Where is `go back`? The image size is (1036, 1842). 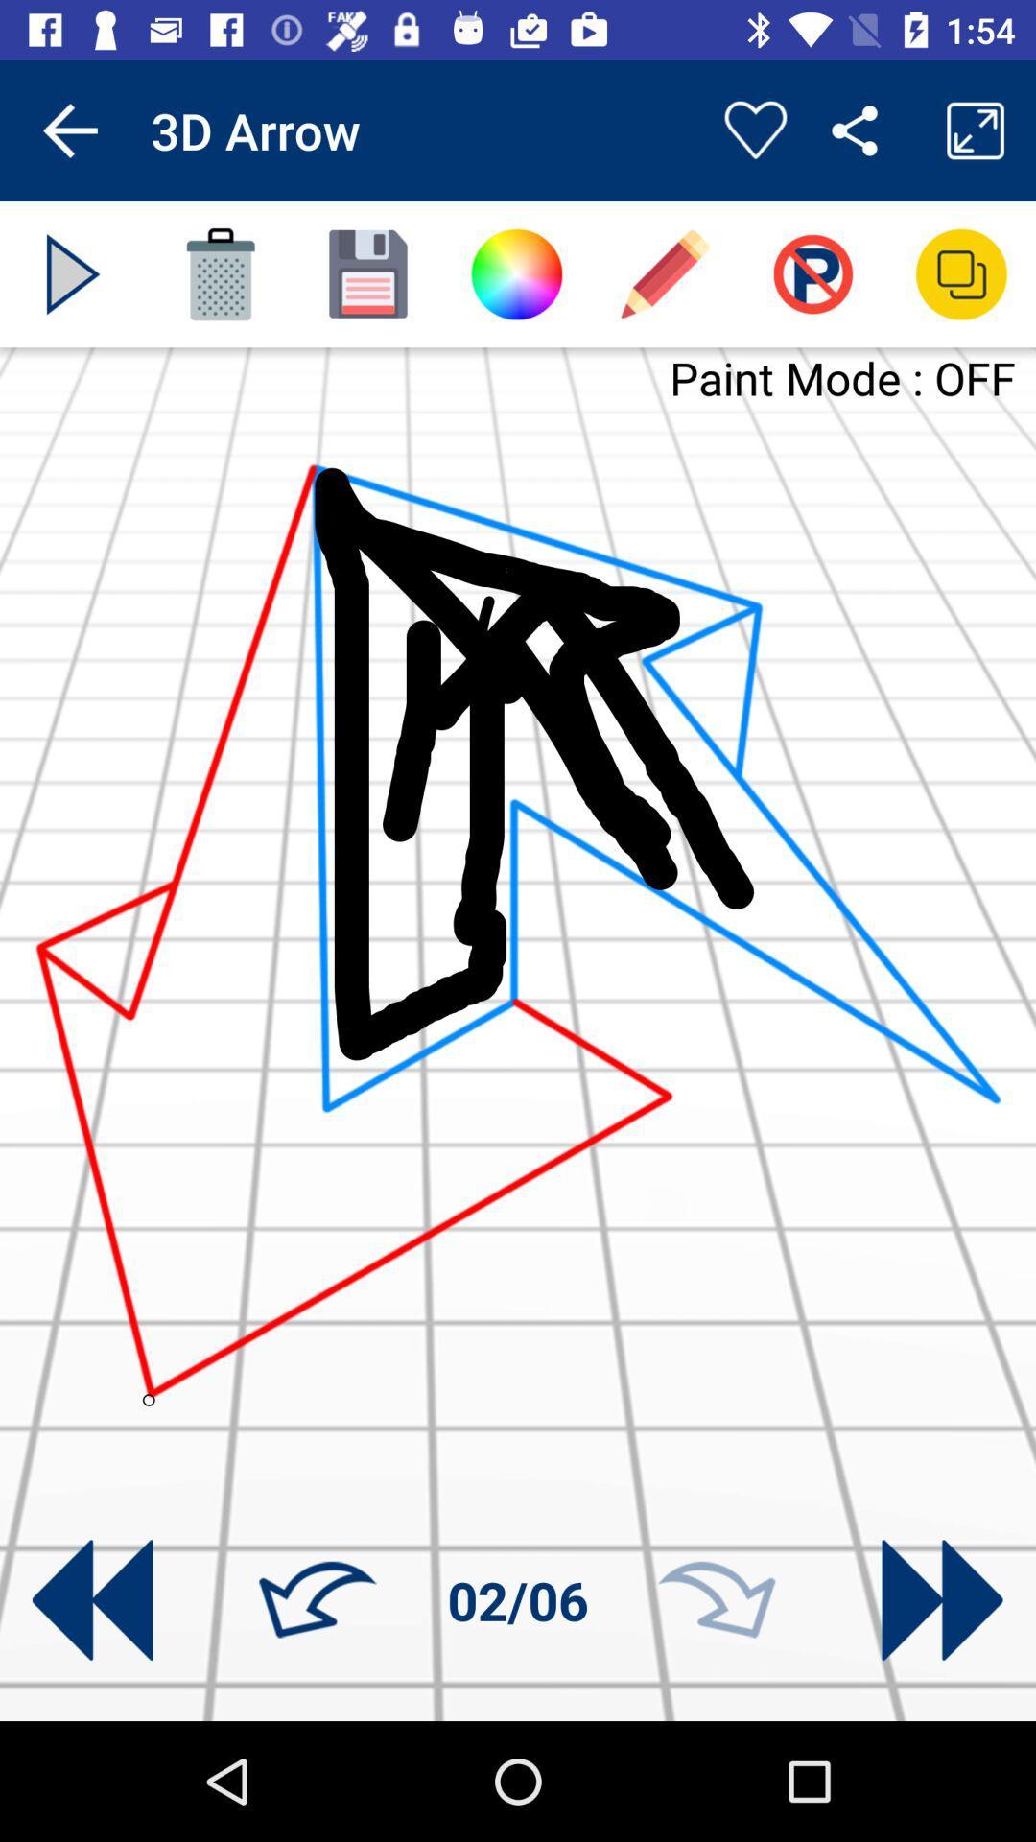
go back is located at coordinates (92, 1600).